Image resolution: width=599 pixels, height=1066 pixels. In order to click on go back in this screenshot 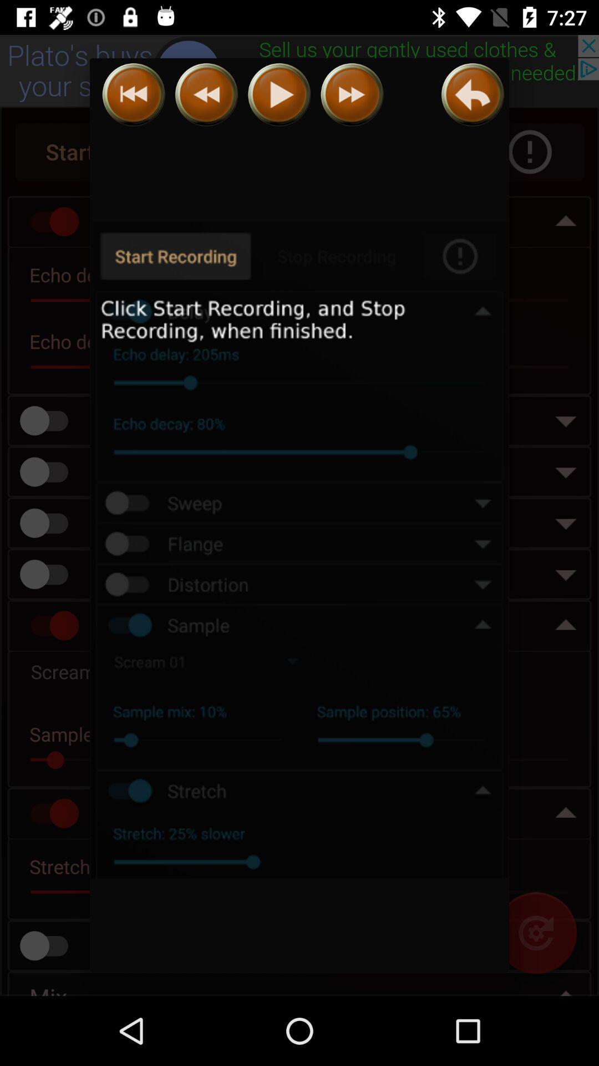, I will do `click(133, 94)`.